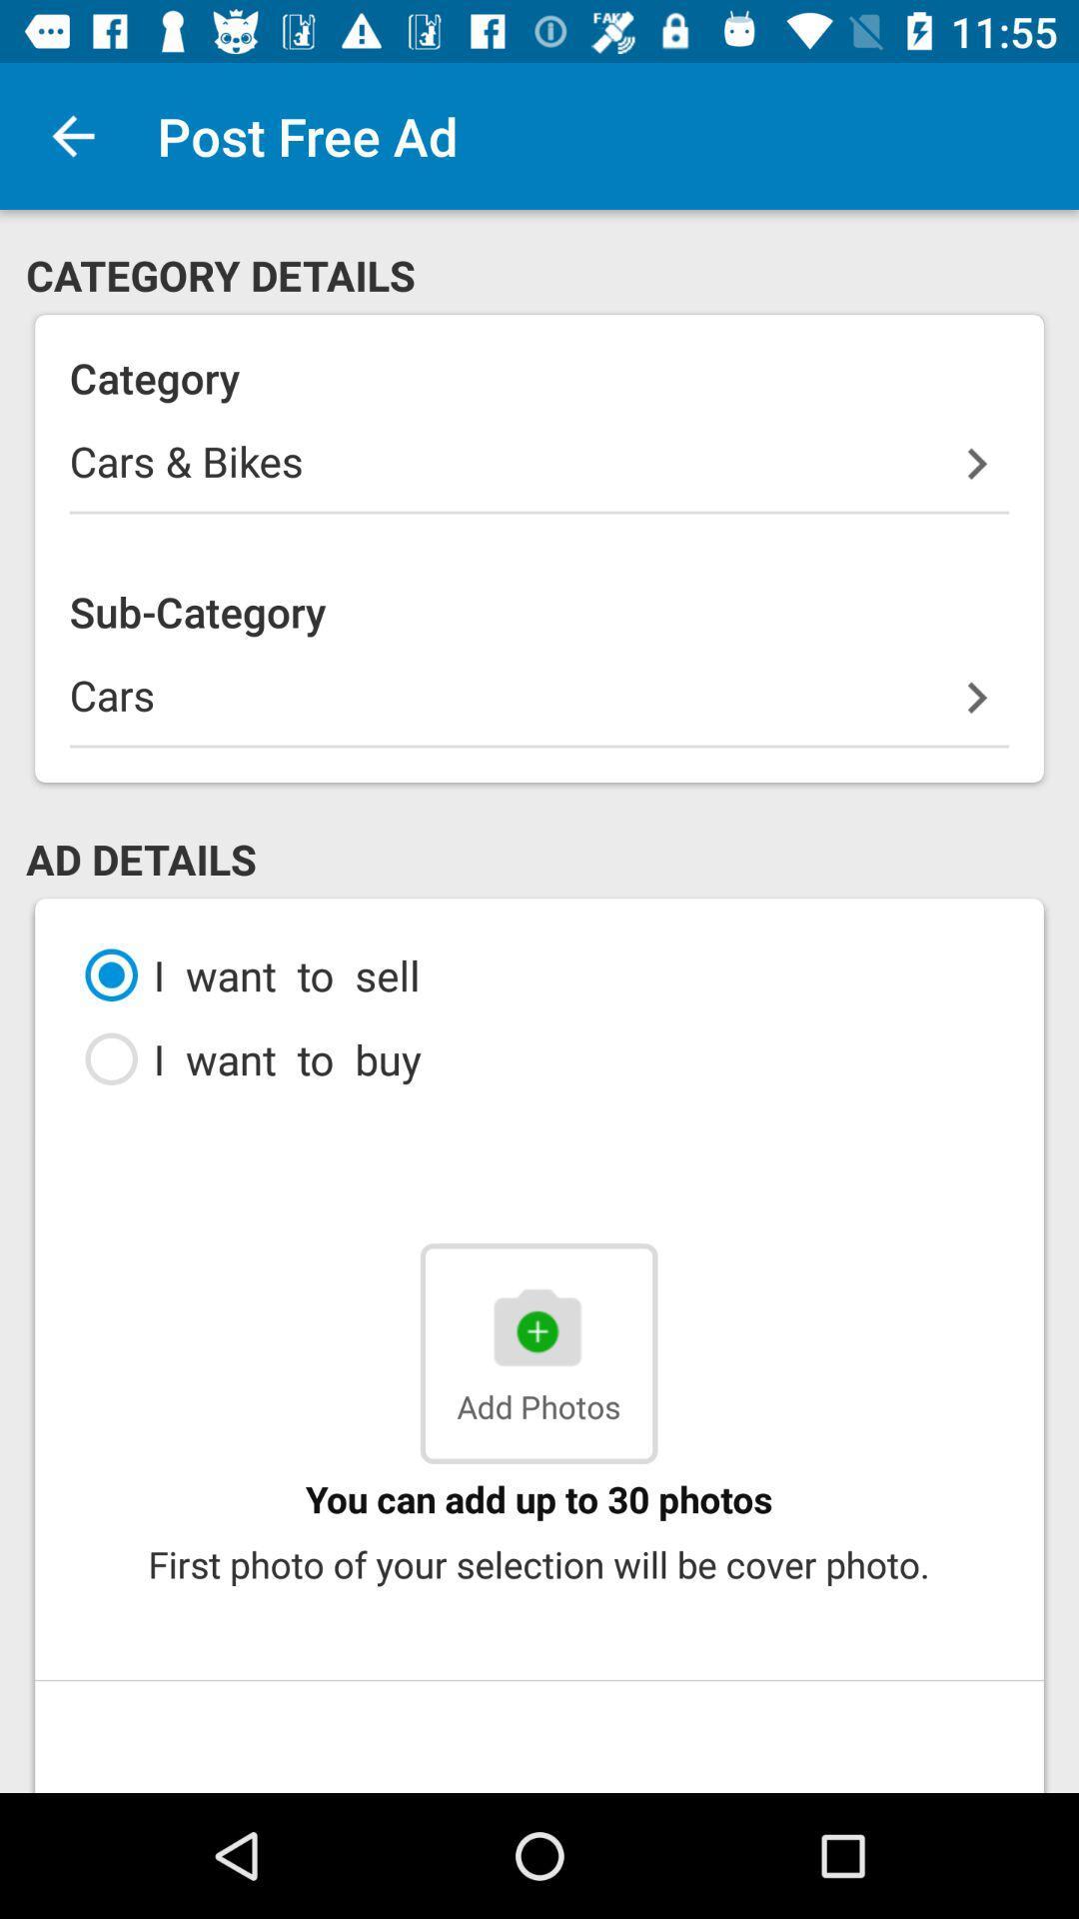  I want to click on item below category icon, so click(539, 472).